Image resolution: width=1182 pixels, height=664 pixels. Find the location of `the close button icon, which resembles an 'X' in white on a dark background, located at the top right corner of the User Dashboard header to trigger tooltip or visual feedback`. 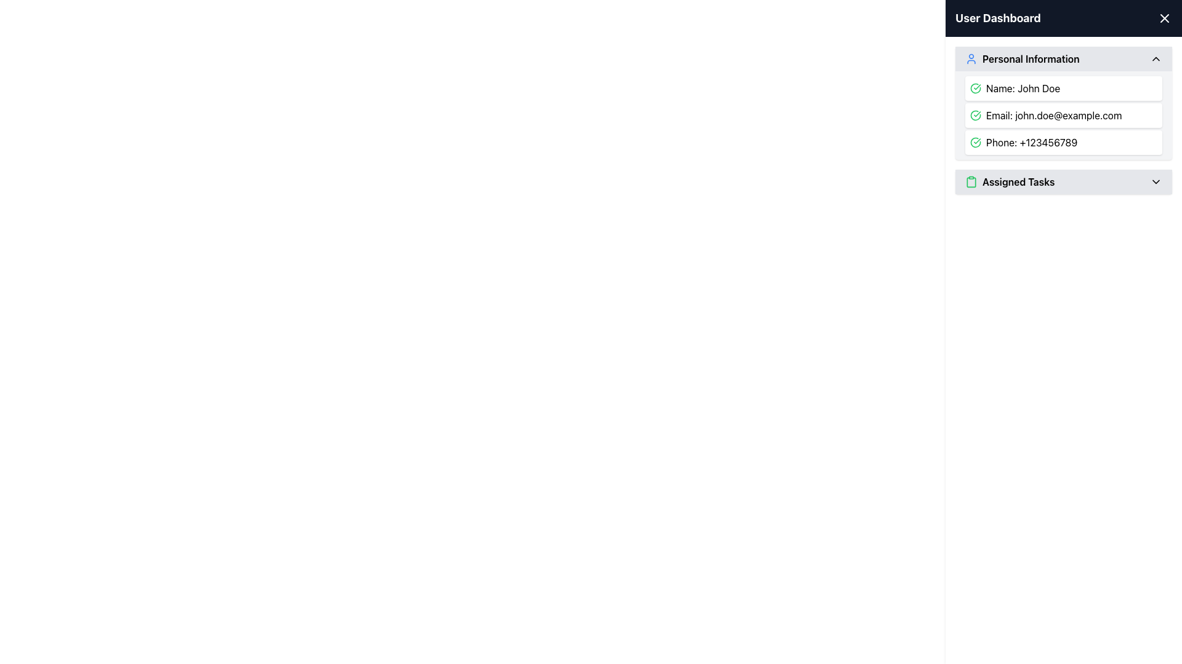

the close button icon, which resembles an 'X' in white on a dark background, located at the top right corner of the User Dashboard header to trigger tooltip or visual feedback is located at coordinates (1164, 18).